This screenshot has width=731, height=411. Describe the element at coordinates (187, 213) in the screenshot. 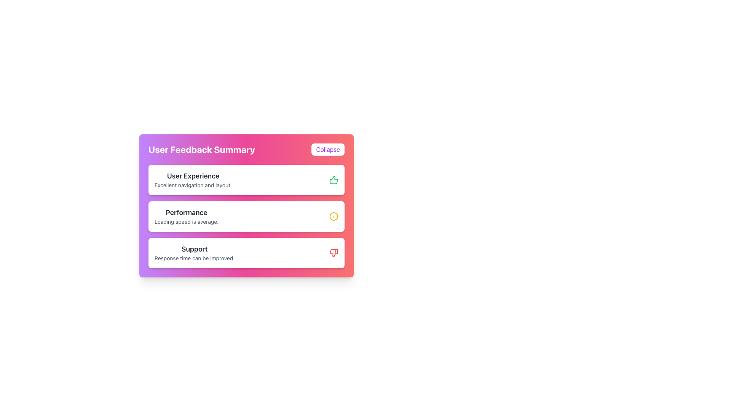

I see `the static text label that acts as a title or category heading for the feedback content, positioned above the text 'Loading speed is average.'` at that location.